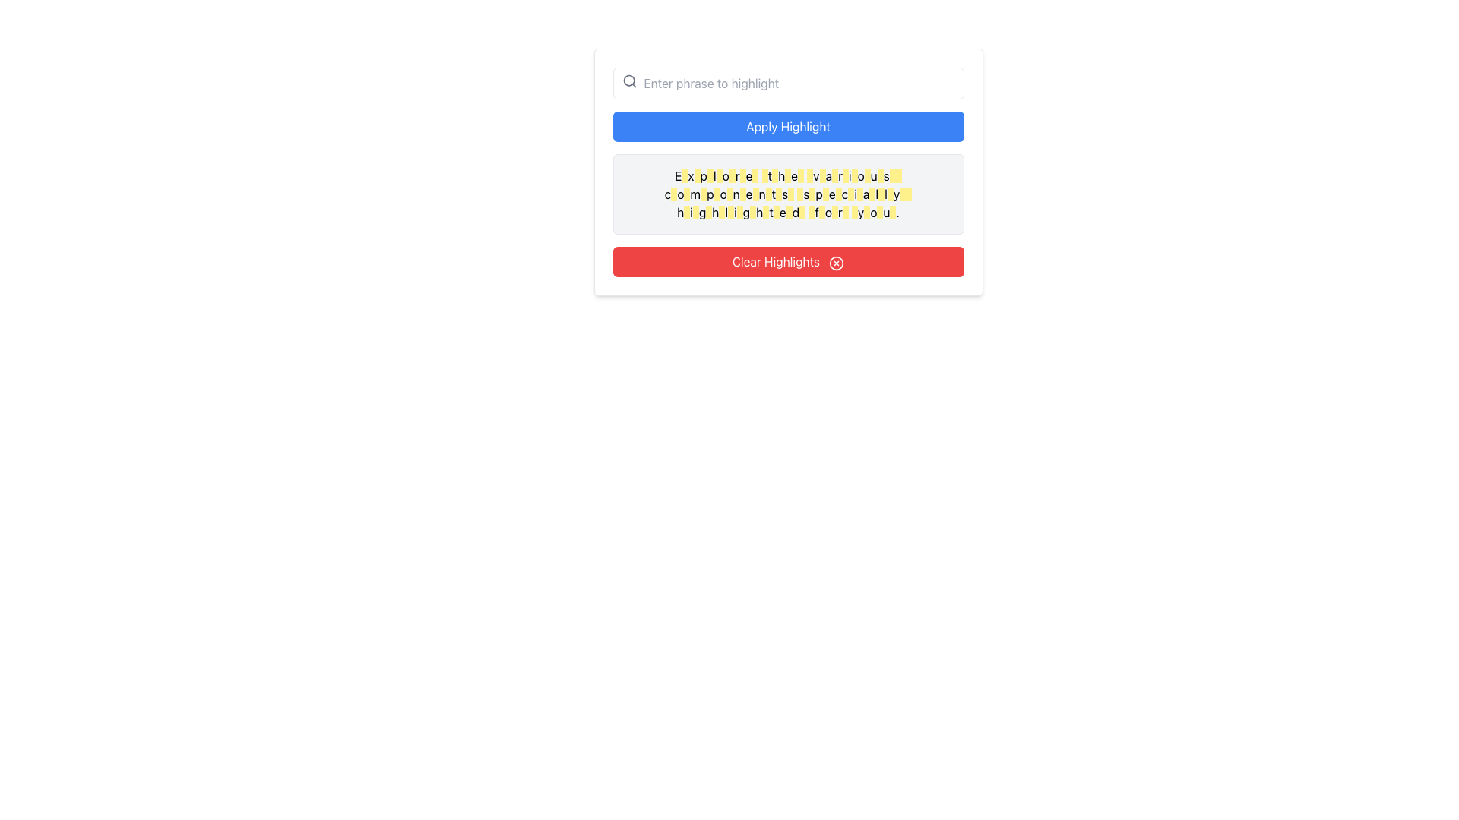 The image size is (1459, 820). Describe the element at coordinates (909, 193) in the screenshot. I see `the highlighted portion at the end of the sentence 'Explore the various components specially highlighted for you.'` at that location.